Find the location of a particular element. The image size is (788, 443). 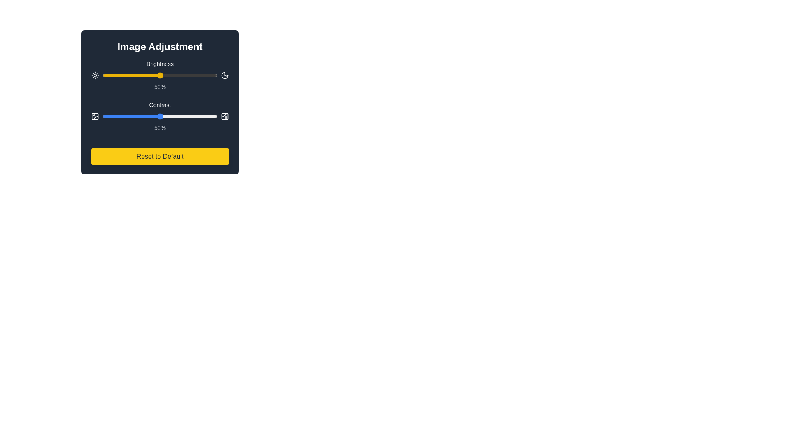

brightness is located at coordinates (160, 75).